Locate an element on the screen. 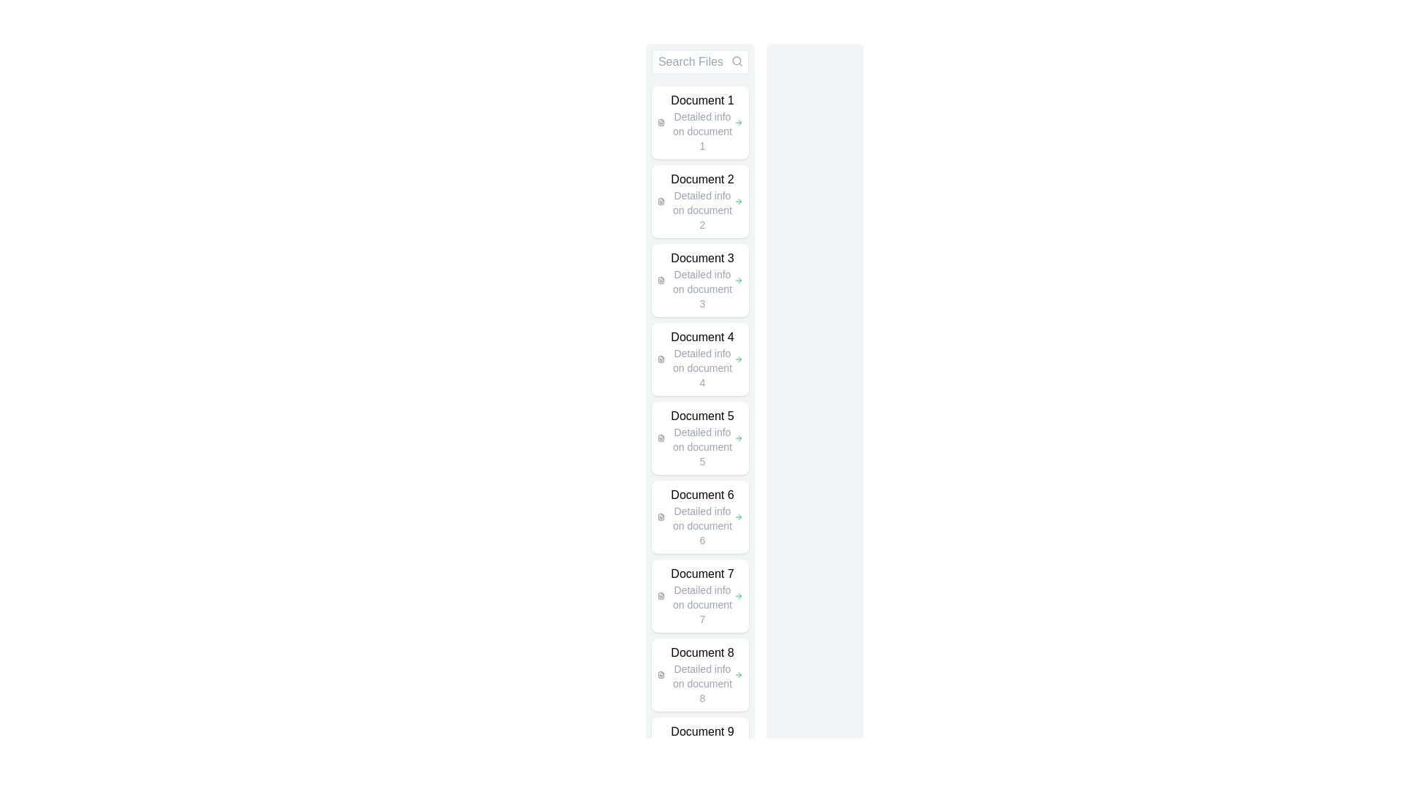 This screenshot has width=1403, height=789. the text label element containing 'Detailed info on document 2', which is positioned below the 'Document 2' title in a vertical list is located at coordinates (702, 210).